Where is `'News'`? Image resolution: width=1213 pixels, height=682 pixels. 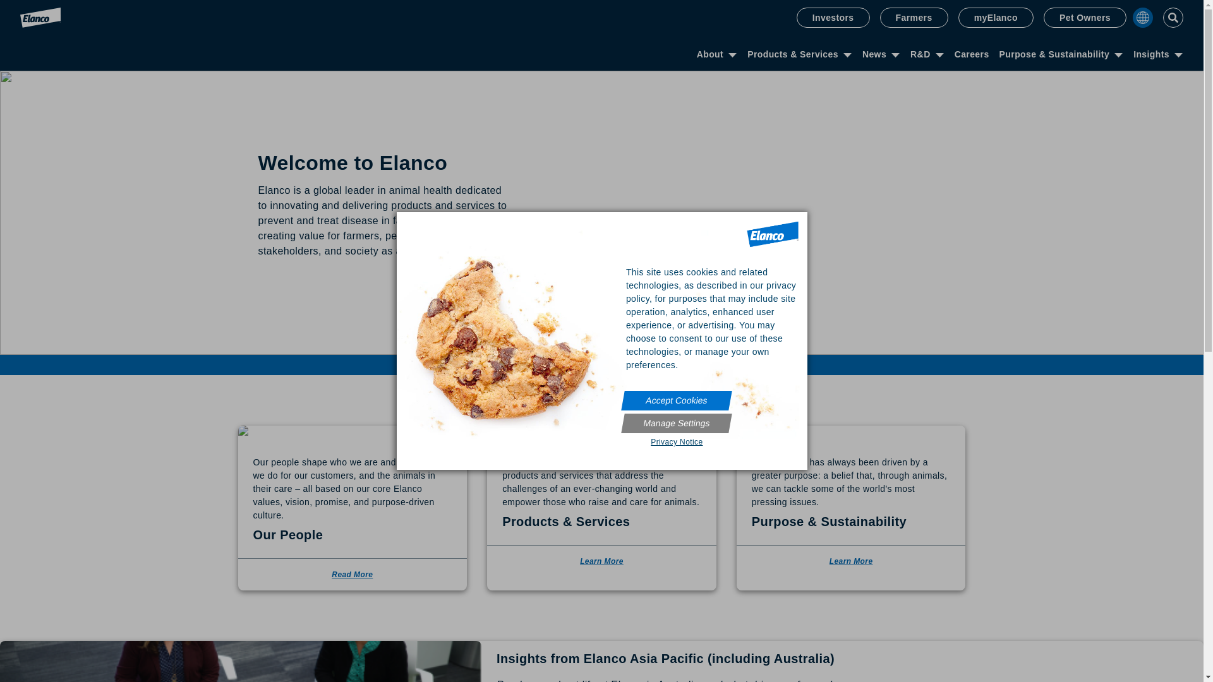
'News' is located at coordinates (861, 55).